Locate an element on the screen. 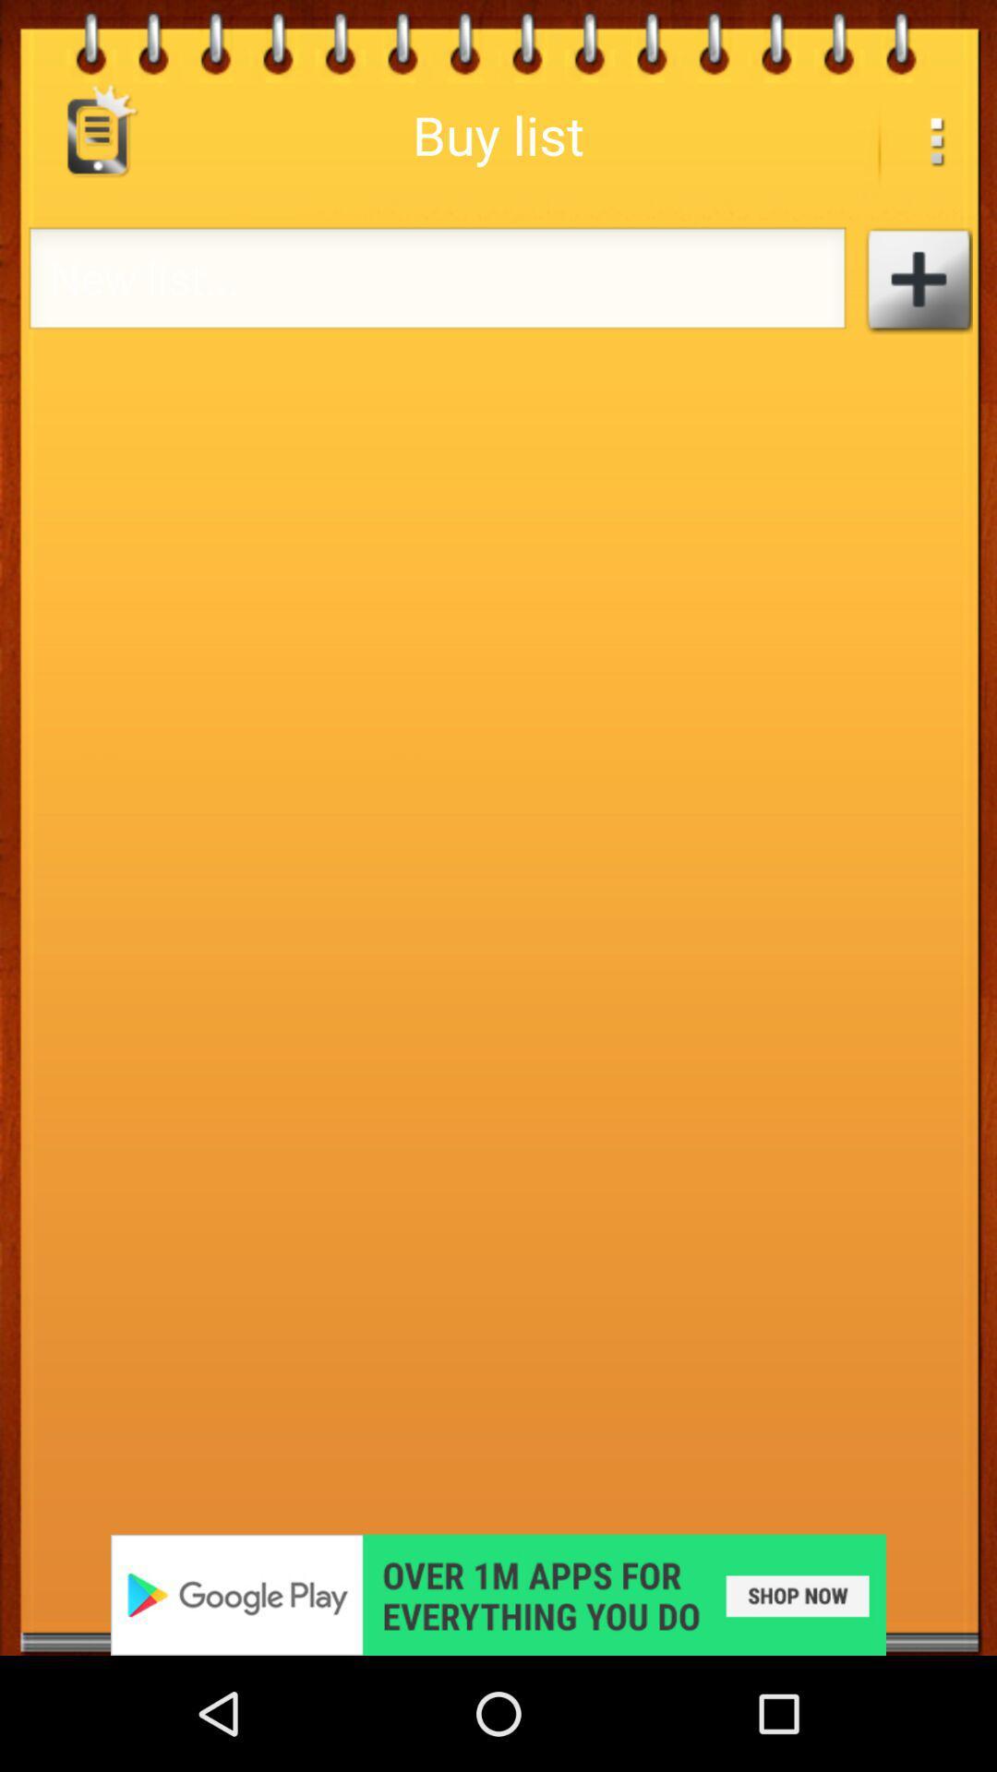  open advertisement is located at coordinates (498, 1594).